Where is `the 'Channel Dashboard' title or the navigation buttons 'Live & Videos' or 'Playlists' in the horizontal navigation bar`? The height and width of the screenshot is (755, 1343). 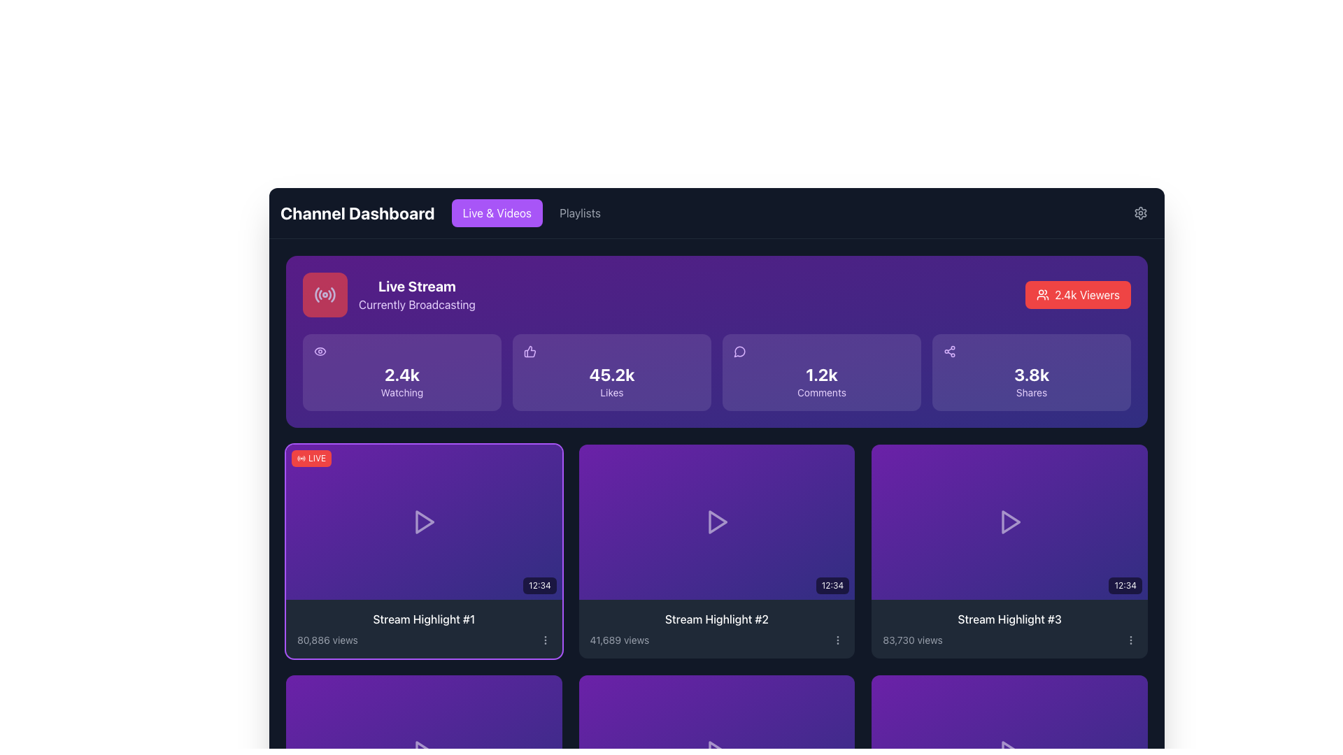
the 'Channel Dashboard' title or the navigation buttons 'Live & Videos' or 'Playlists' in the horizontal navigation bar is located at coordinates (717, 213).